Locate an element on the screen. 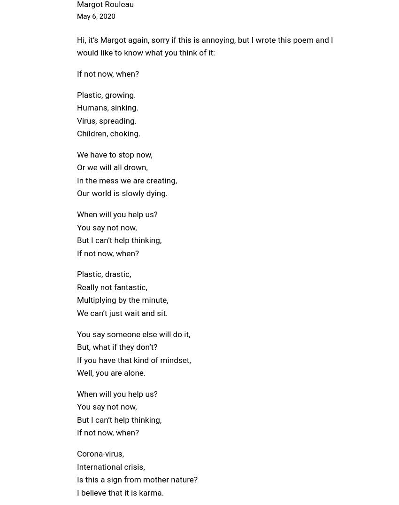 The width and height of the screenshot is (399, 505). 'Well, you are alone.' is located at coordinates (111, 372).